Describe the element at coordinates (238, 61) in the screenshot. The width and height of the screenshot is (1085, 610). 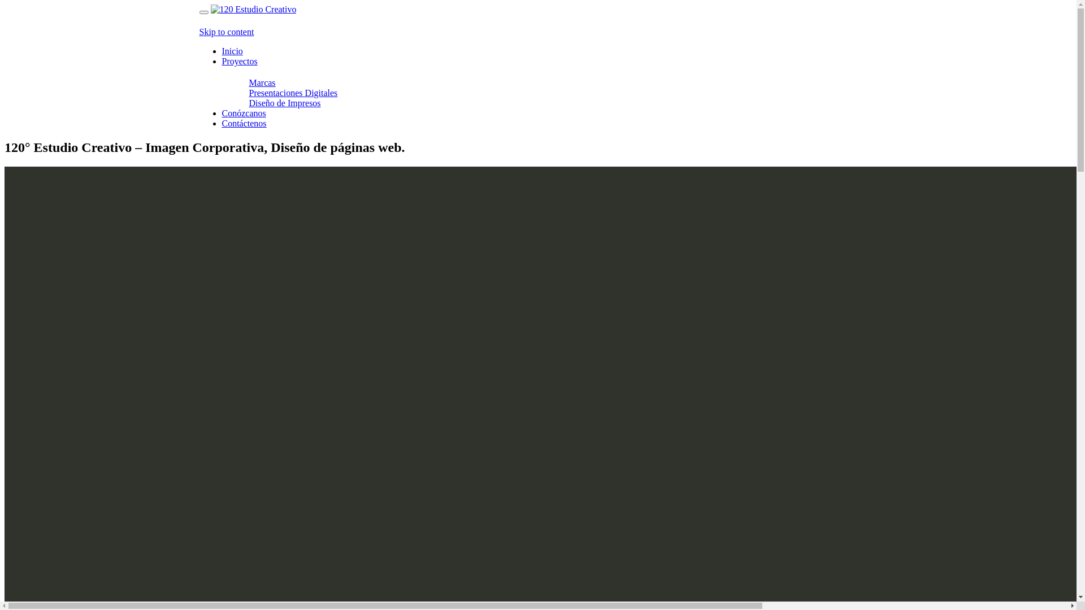
I see `'Proyectos'` at that location.